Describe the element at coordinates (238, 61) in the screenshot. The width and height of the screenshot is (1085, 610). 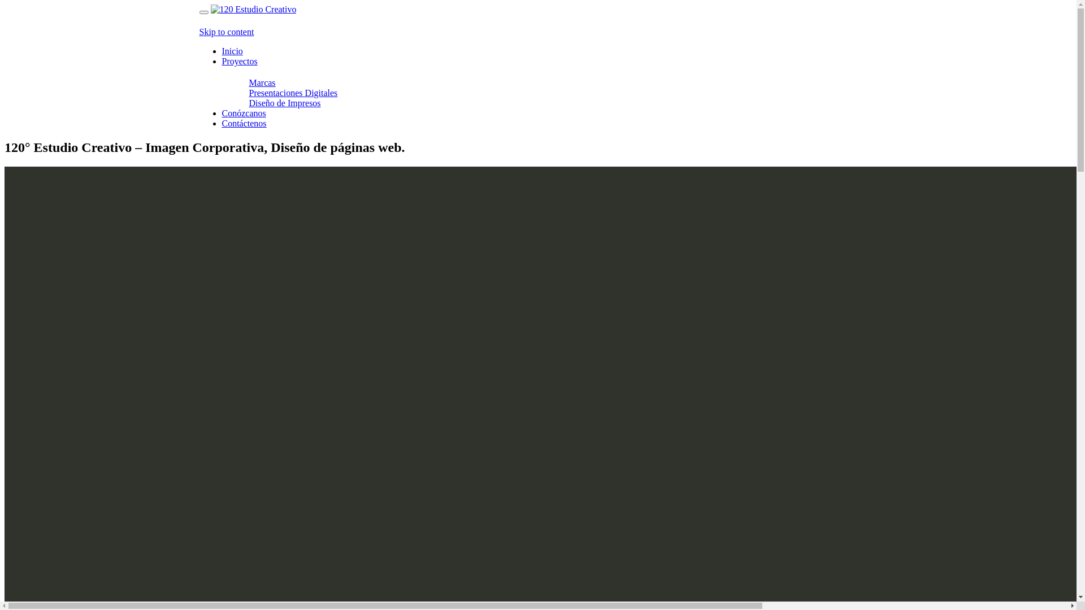
I see `'Proyectos'` at that location.